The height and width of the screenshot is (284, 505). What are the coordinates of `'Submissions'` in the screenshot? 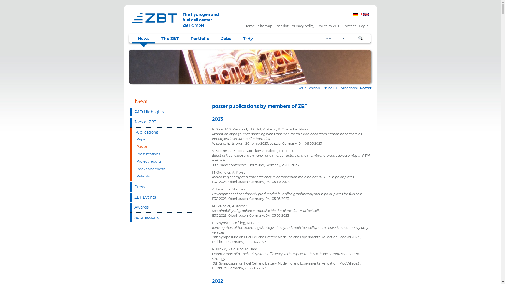 It's located at (130, 217).